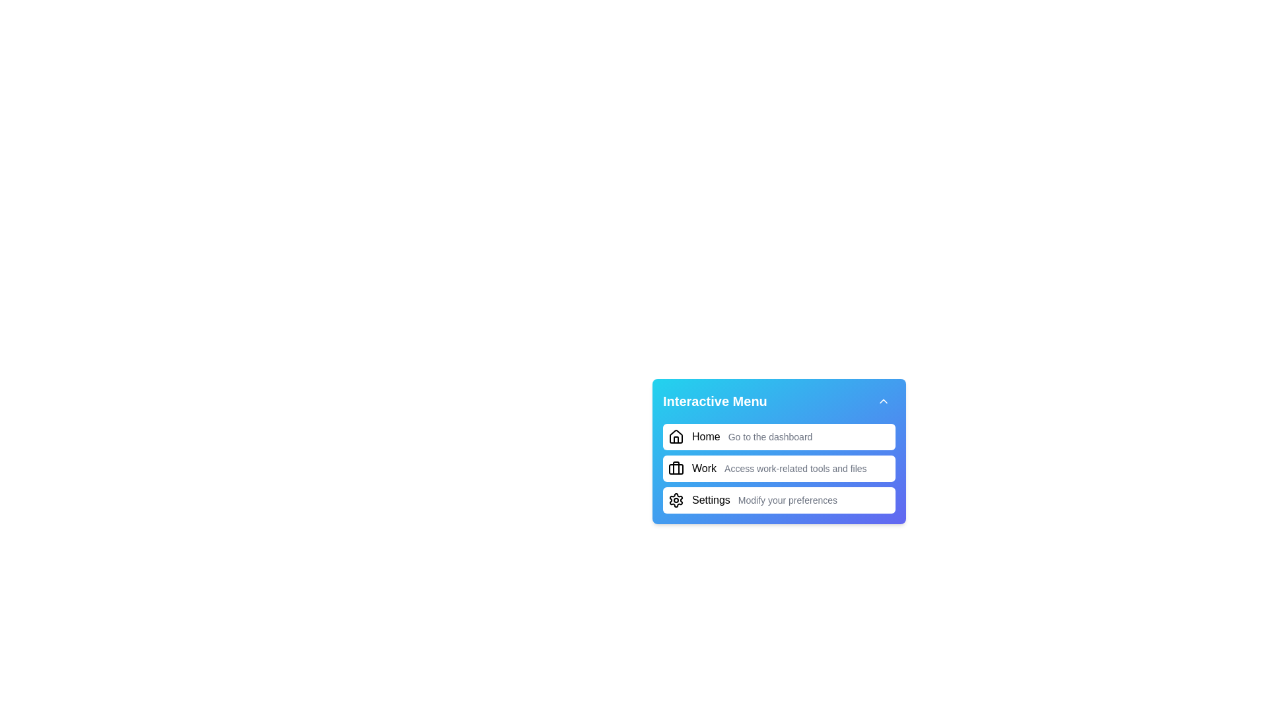 The image size is (1268, 713). I want to click on the text label that reads 'Go to the dashboard', which is positioned to the right of the 'Home' text in the topmost interactive section of the vertical menu interface, so click(770, 437).